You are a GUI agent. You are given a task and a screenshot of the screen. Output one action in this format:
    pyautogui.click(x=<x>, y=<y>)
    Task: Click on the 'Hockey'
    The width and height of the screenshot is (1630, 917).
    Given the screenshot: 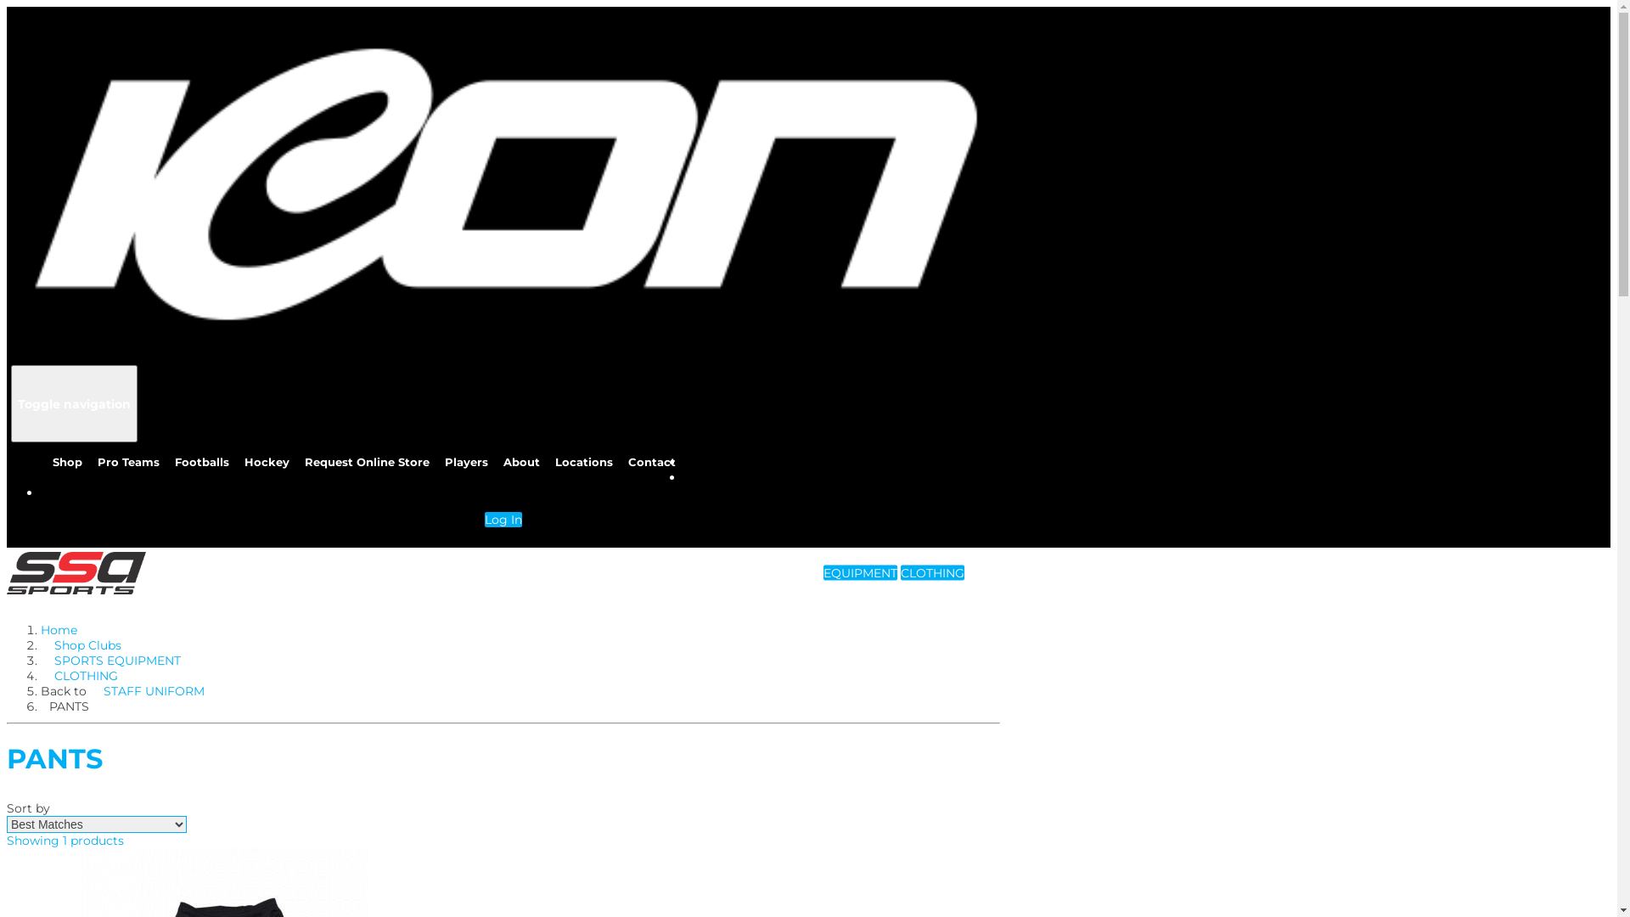 What is the action you would take?
    pyautogui.click(x=266, y=464)
    